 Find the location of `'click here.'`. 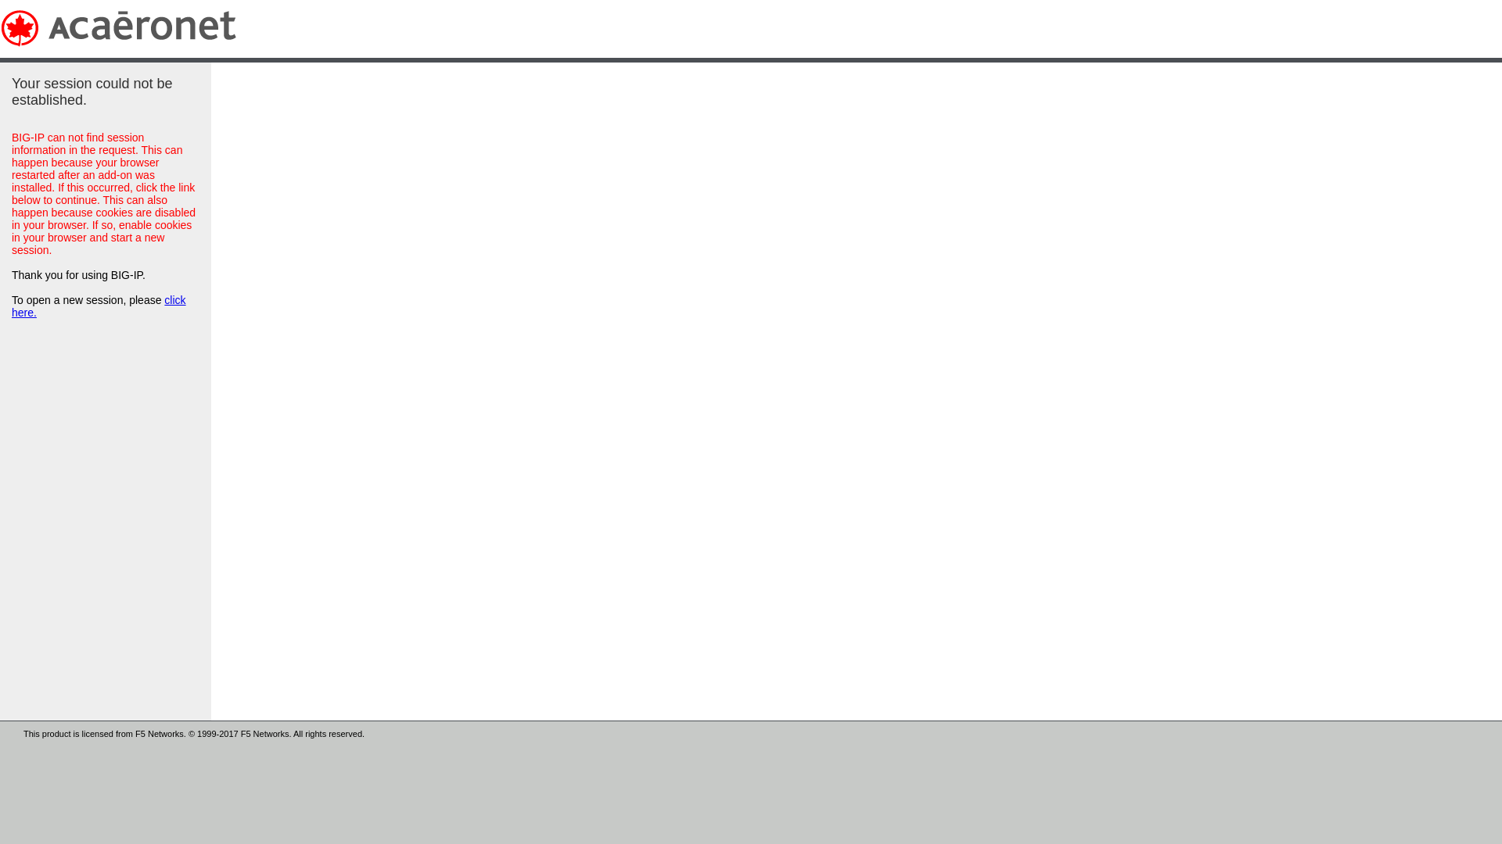

'click here.' is located at coordinates (98, 306).